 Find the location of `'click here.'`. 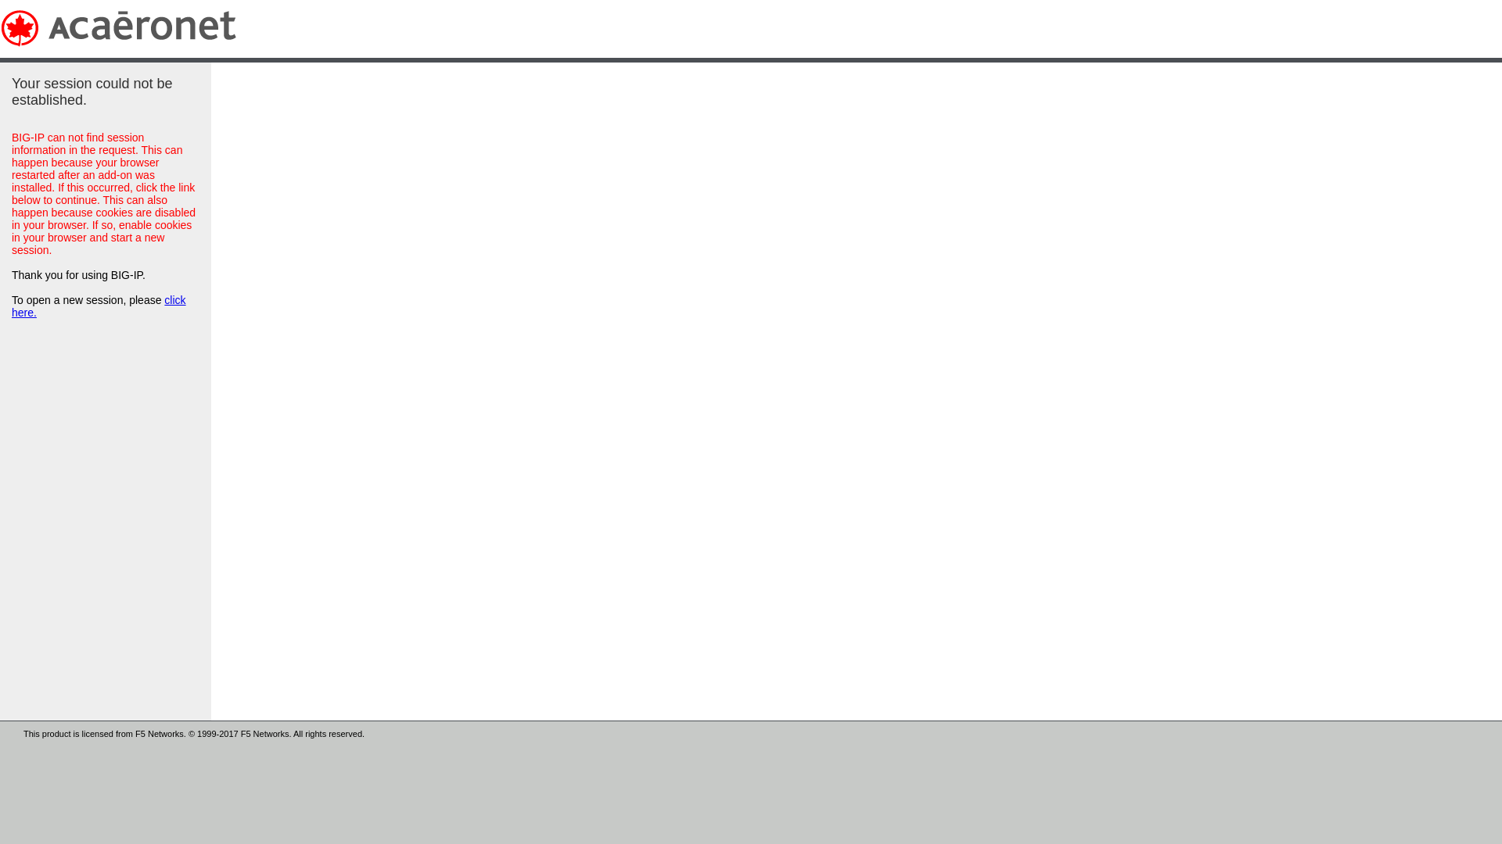

'click here.' is located at coordinates (98, 306).